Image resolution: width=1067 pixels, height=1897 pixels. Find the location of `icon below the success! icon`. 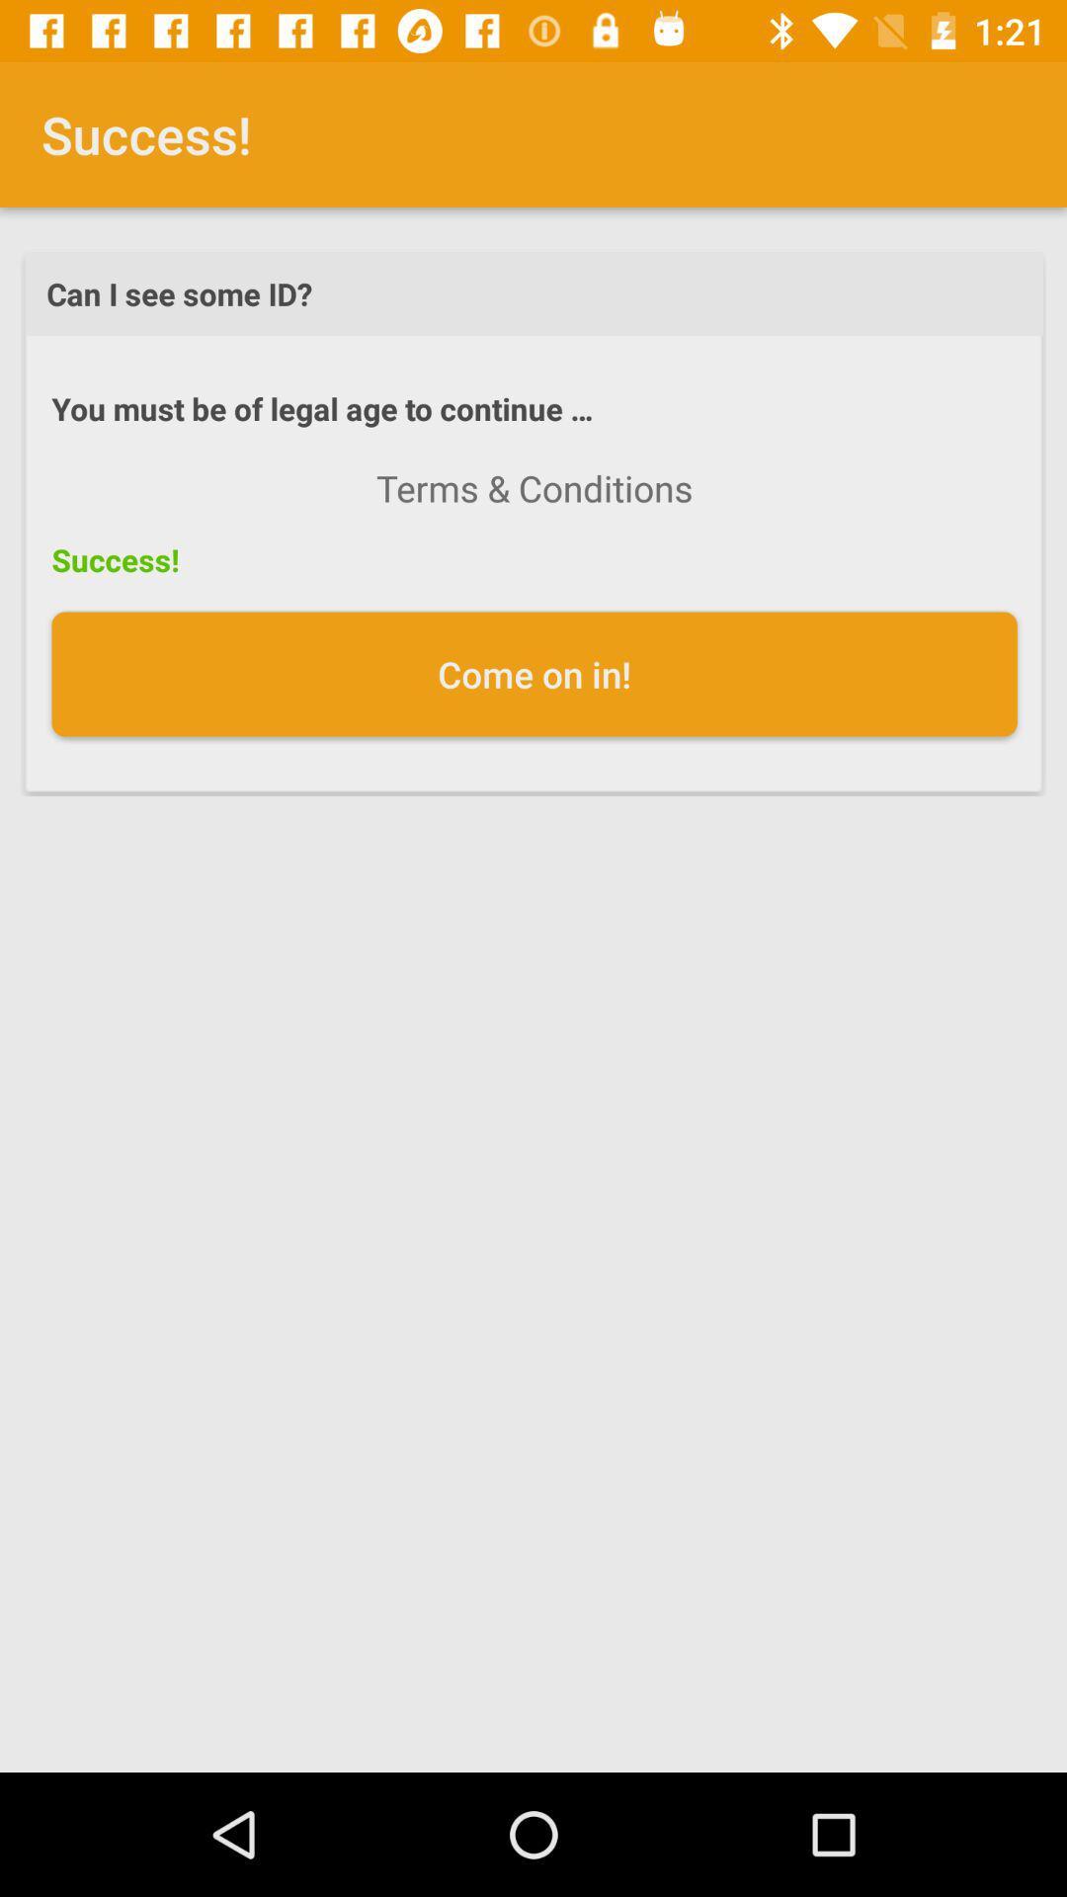

icon below the success! icon is located at coordinates (534, 674).